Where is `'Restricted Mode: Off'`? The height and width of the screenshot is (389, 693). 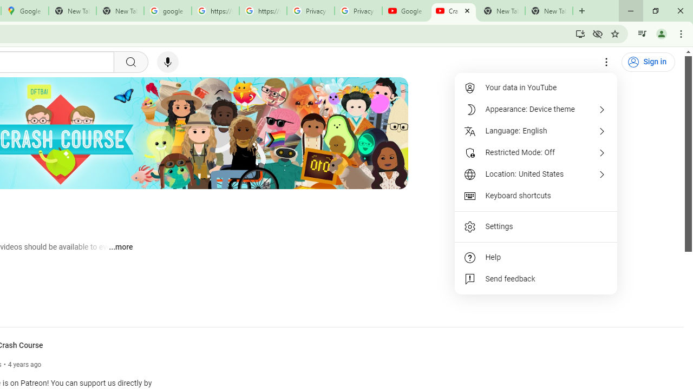 'Restricted Mode: Off' is located at coordinates (536, 152).